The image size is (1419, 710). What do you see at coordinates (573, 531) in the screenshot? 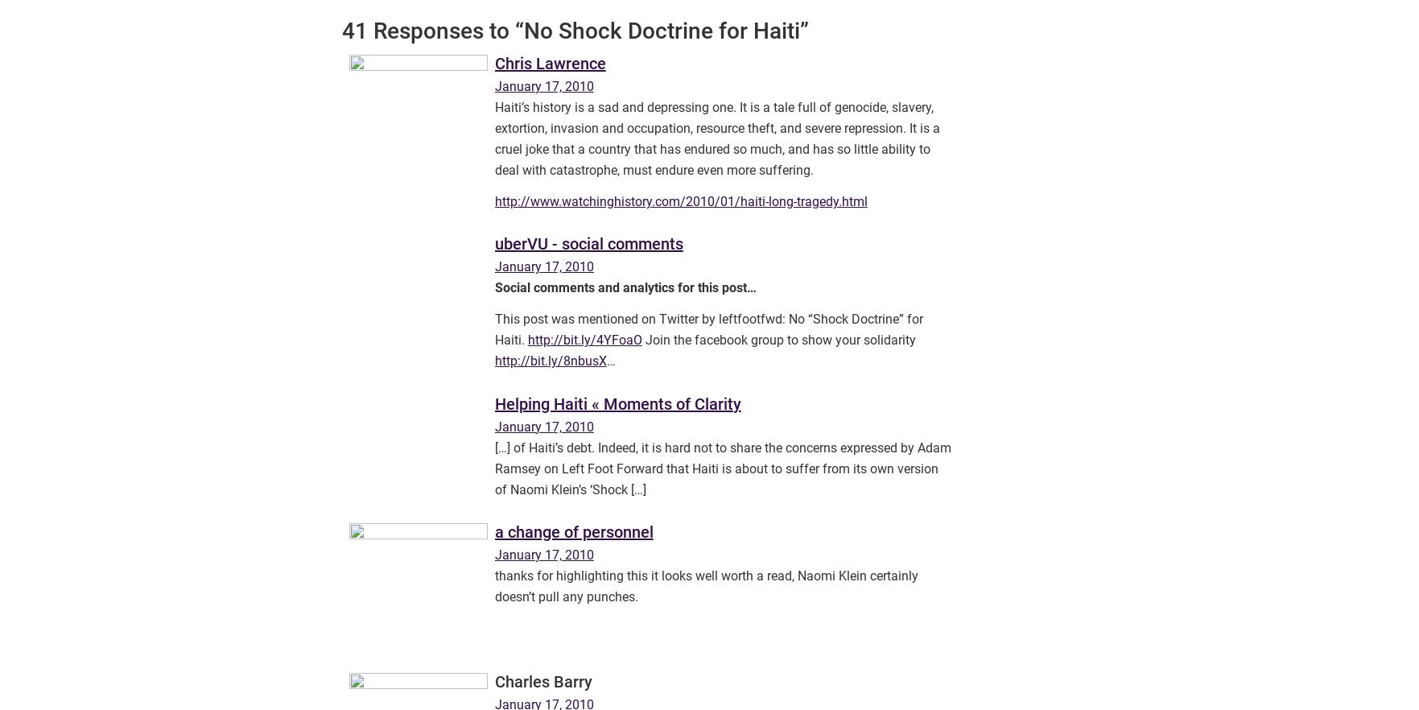
I see `'a change of personnel'` at bounding box center [573, 531].